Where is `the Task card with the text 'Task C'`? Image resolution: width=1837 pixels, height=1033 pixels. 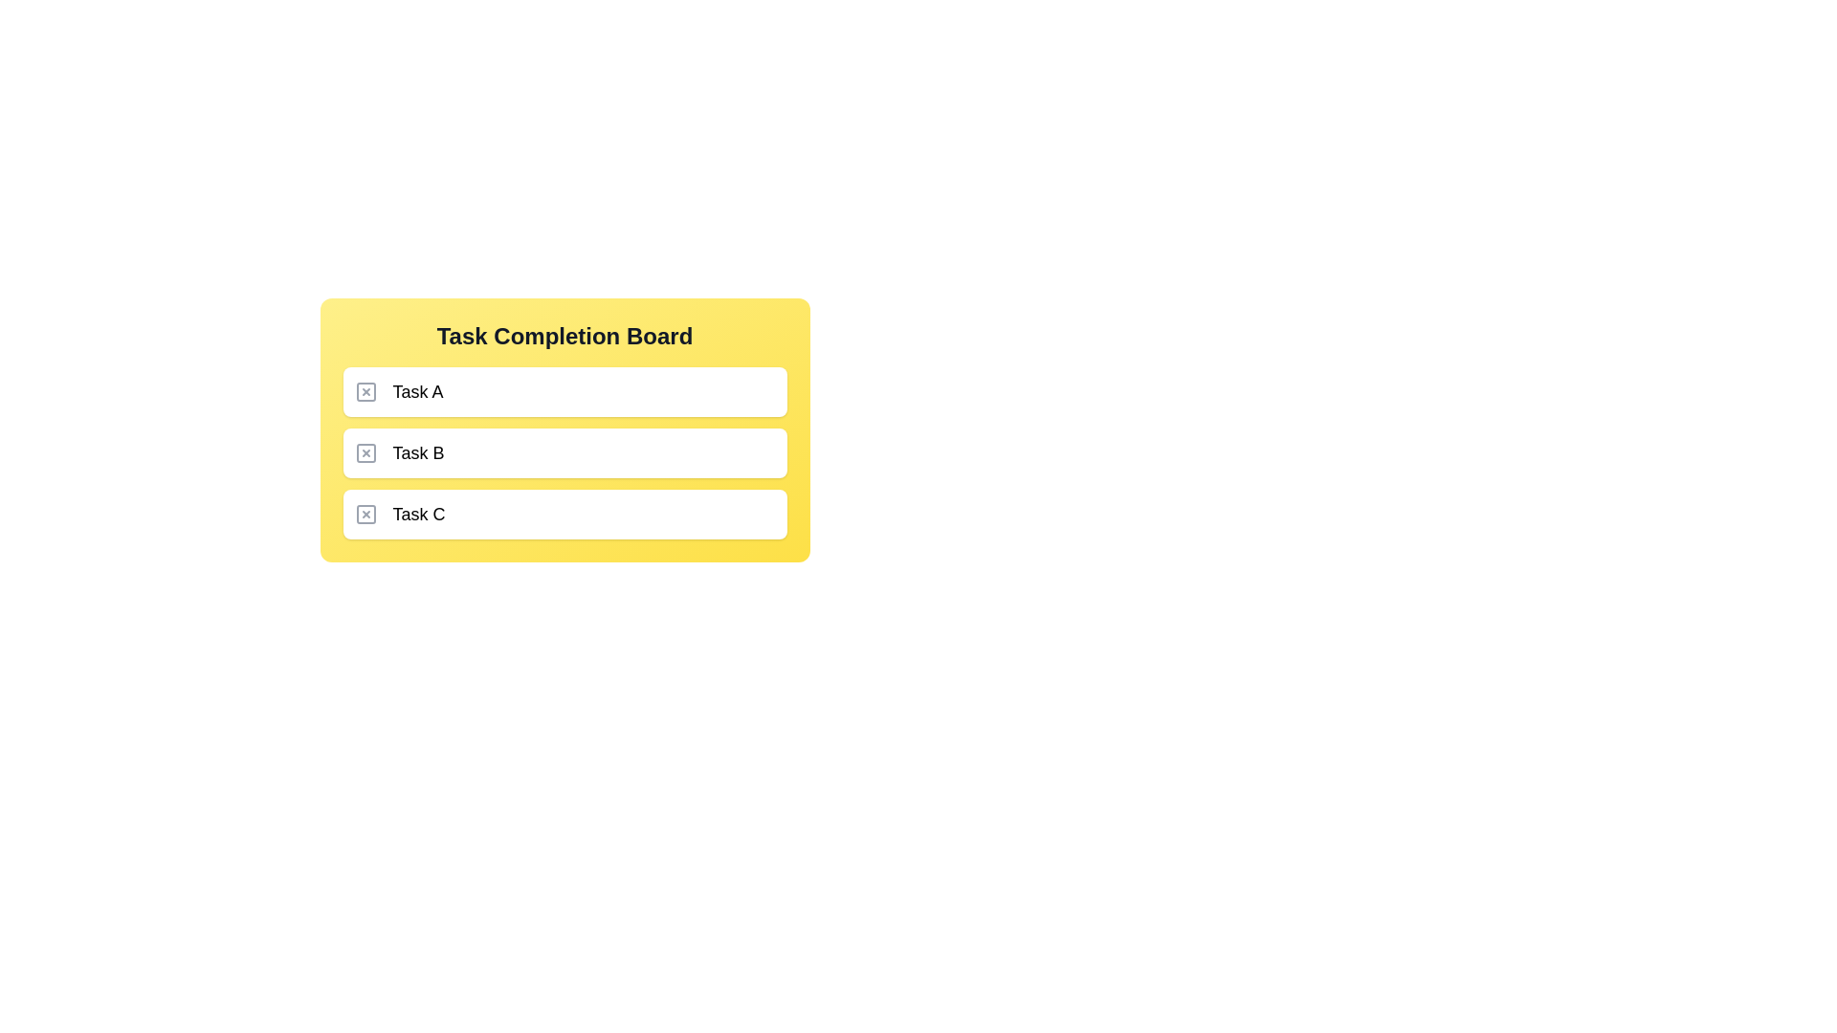 the Task card with the text 'Task C' is located at coordinates (564, 513).